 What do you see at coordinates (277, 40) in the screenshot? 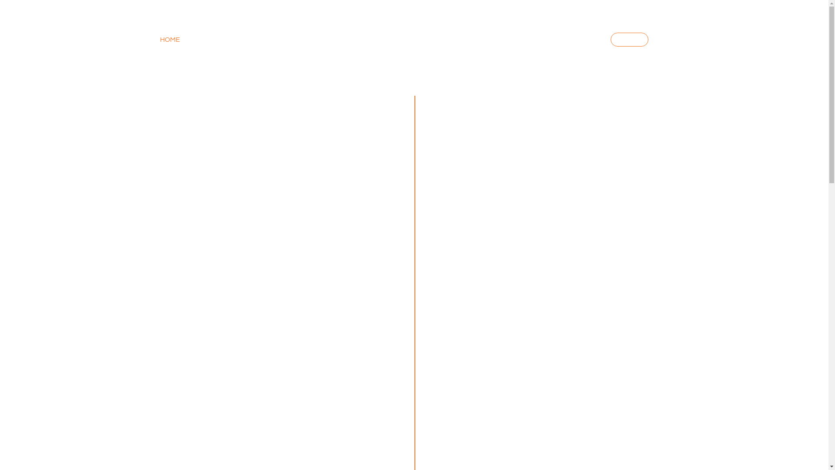
I see `'OVER ONS'` at bounding box center [277, 40].